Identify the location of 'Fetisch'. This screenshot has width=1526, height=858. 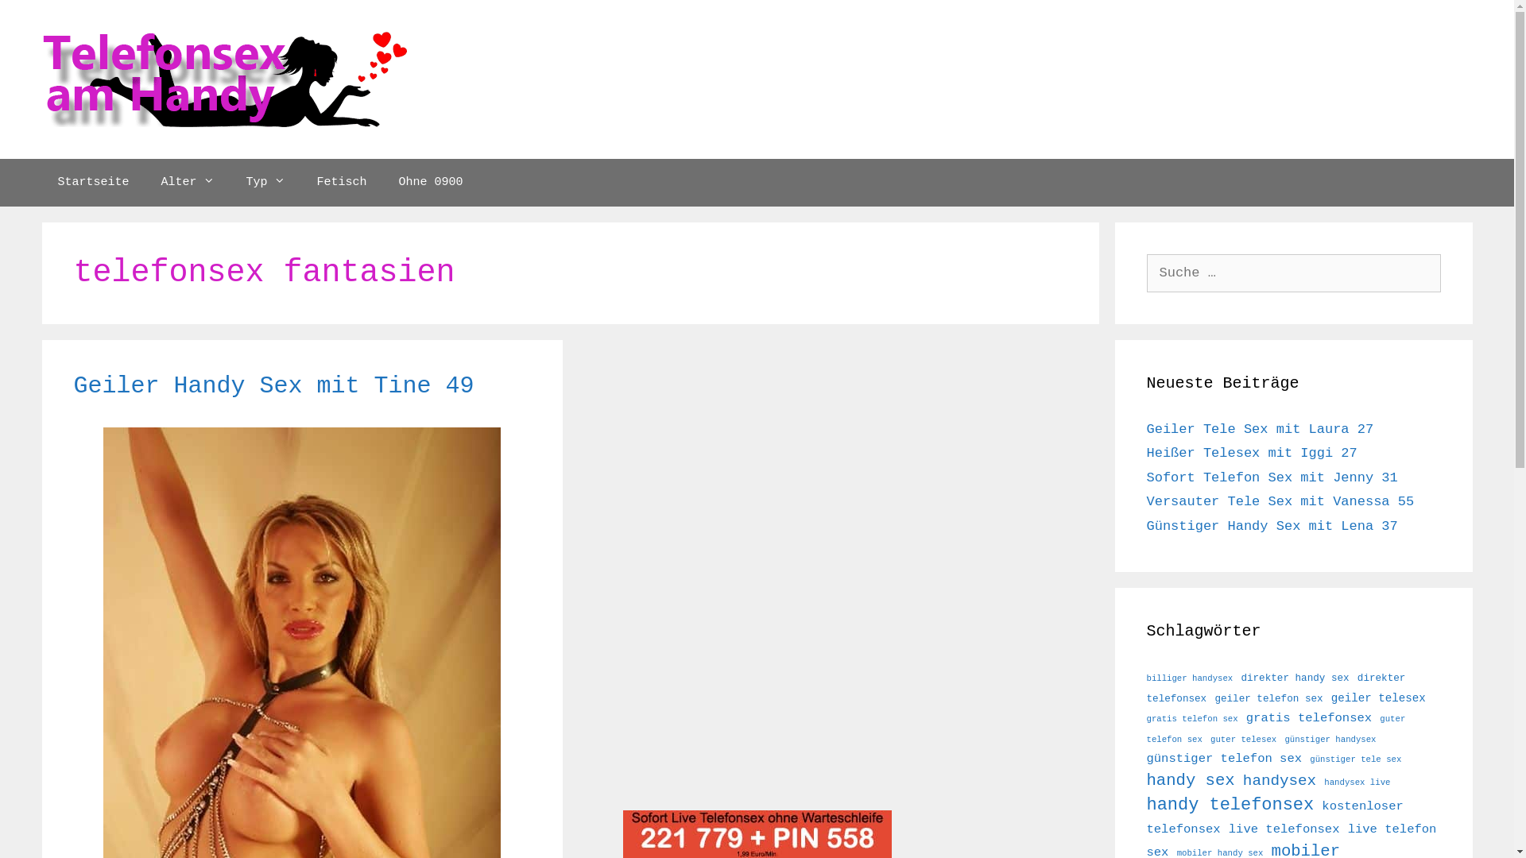
(341, 182).